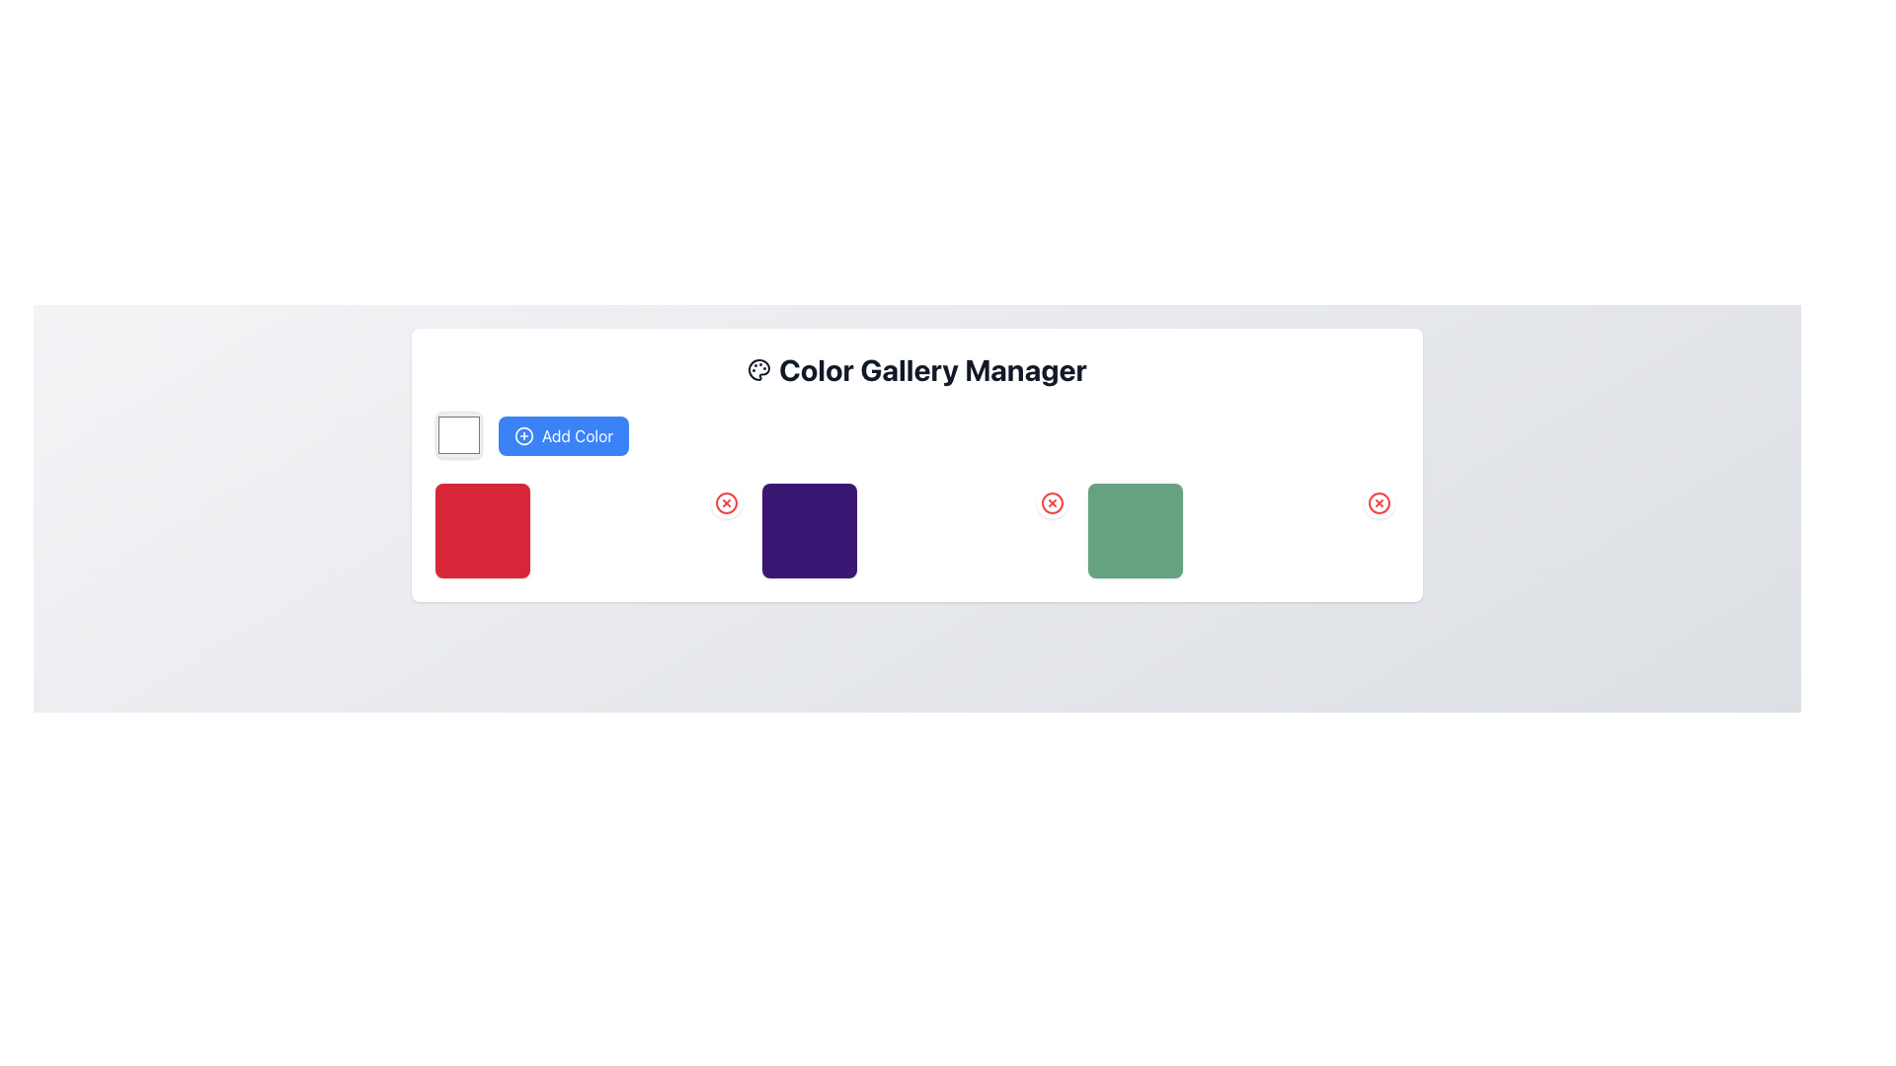  I want to click on the circular part of the red 'X' cancel button located to the top-left of the green square, so click(1051, 501).